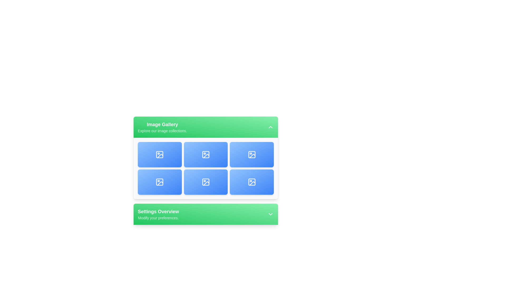  What do you see at coordinates (271, 214) in the screenshot?
I see `the Chevron Downward icon in the Settings Overview section` at bounding box center [271, 214].